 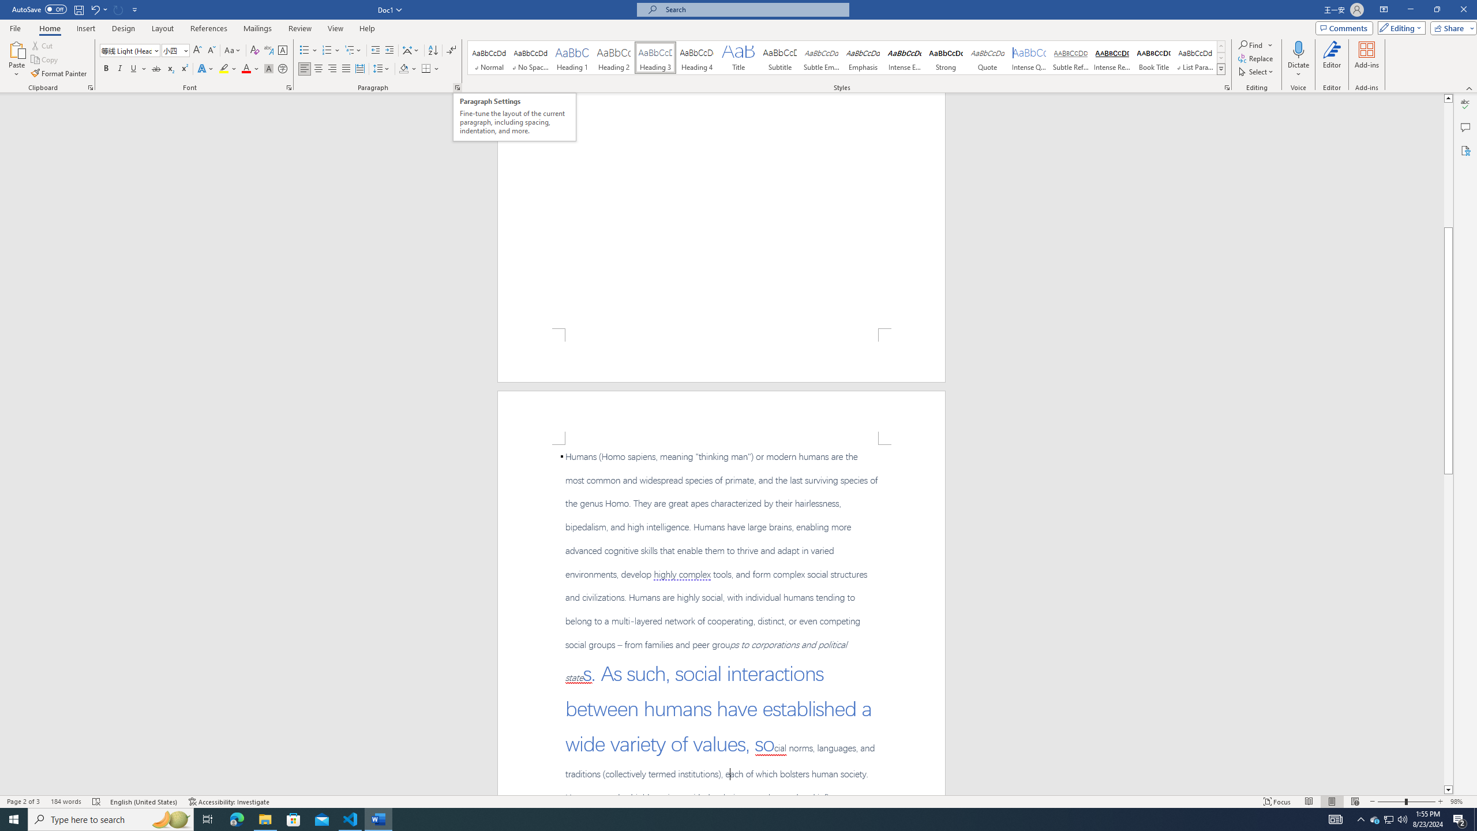 What do you see at coordinates (268, 50) in the screenshot?
I see `'Phonetic Guide...'` at bounding box center [268, 50].